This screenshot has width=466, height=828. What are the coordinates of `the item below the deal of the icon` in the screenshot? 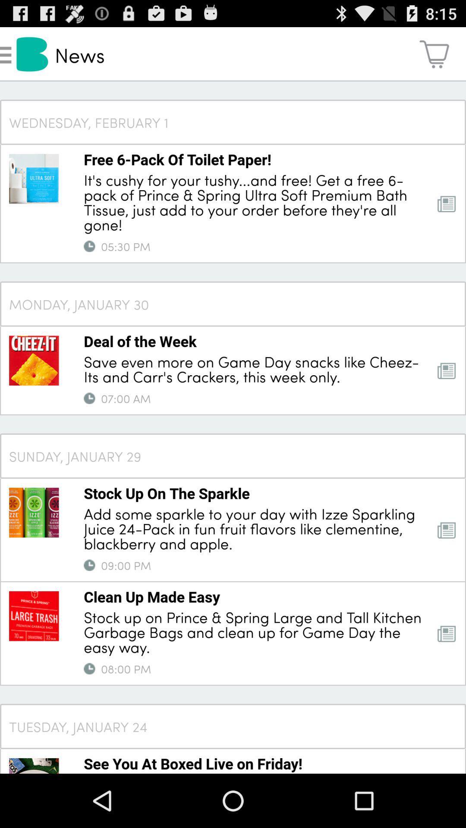 It's located at (254, 368).